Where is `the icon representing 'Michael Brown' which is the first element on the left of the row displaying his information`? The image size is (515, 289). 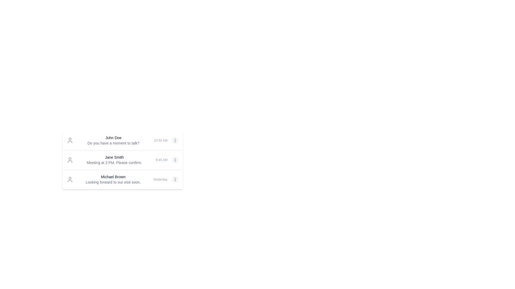 the icon representing 'Michael Brown' which is the first element on the left of the row displaying his information is located at coordinates (69, 180).